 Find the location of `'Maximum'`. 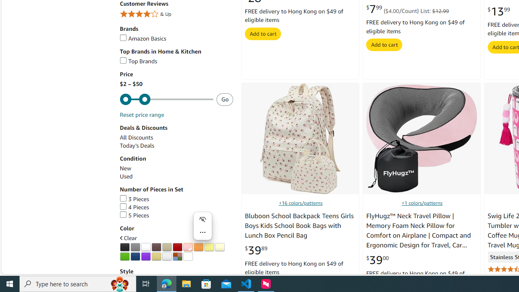

'Maximum' is located at coordinates (166, 99).